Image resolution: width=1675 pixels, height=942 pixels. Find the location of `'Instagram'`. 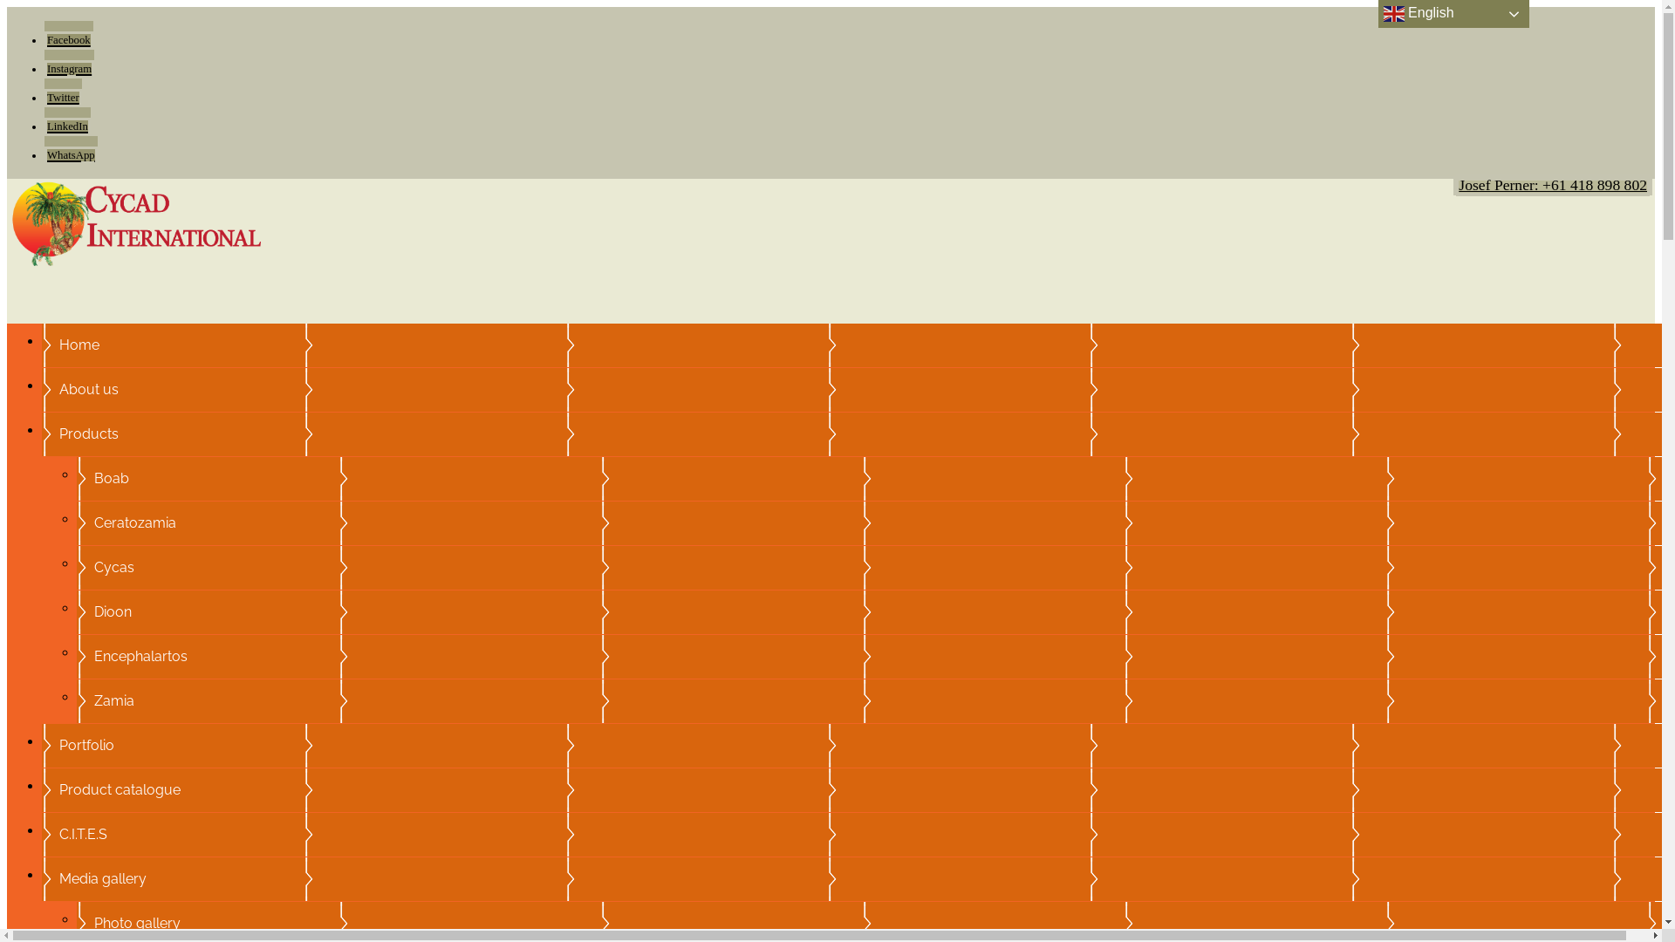

'Instagram' is located at coordinates (69, 63).